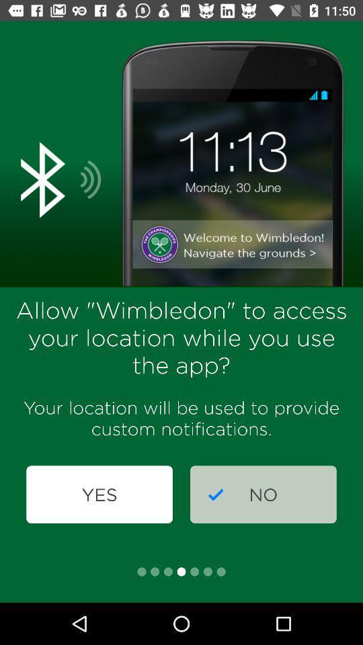 The width and height of the screenshot is (363, 645). I want to click on icon below your location will item, so click(263, 494).